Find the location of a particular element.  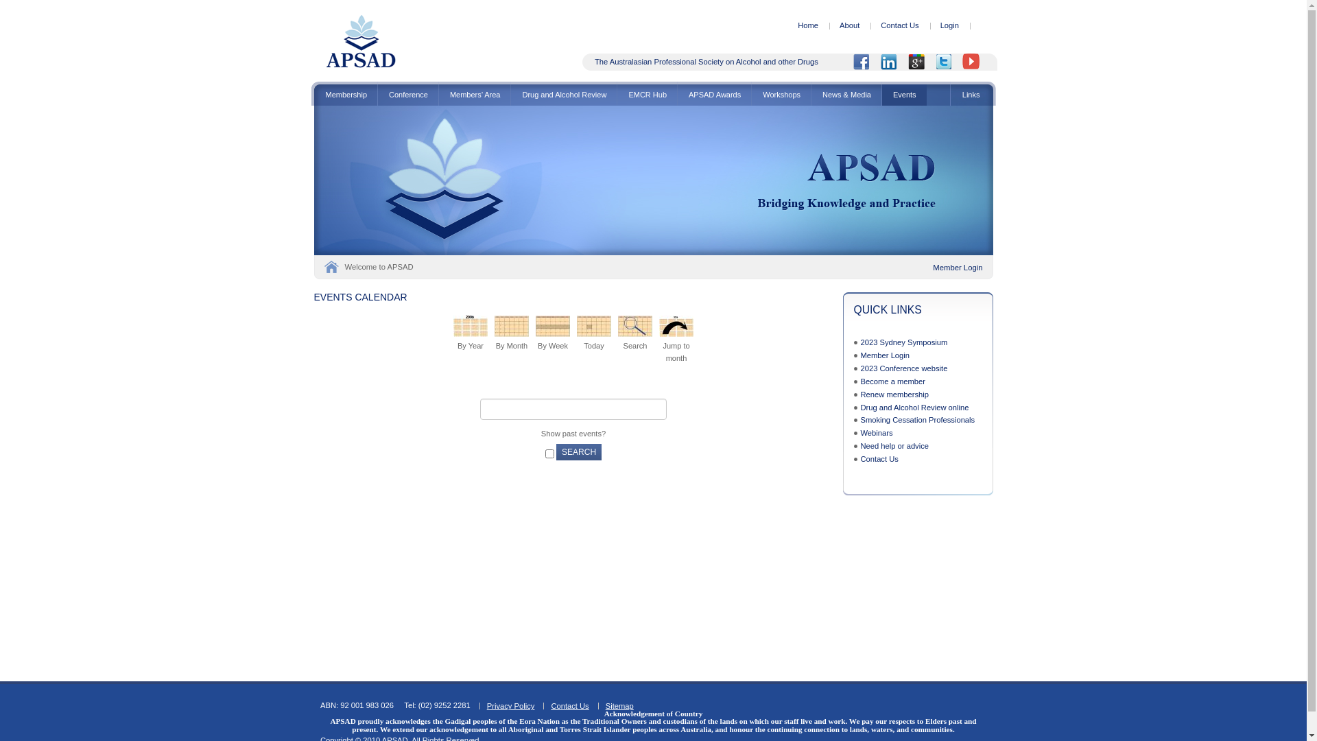

'Become a member' is located at coordinates (892, 381).